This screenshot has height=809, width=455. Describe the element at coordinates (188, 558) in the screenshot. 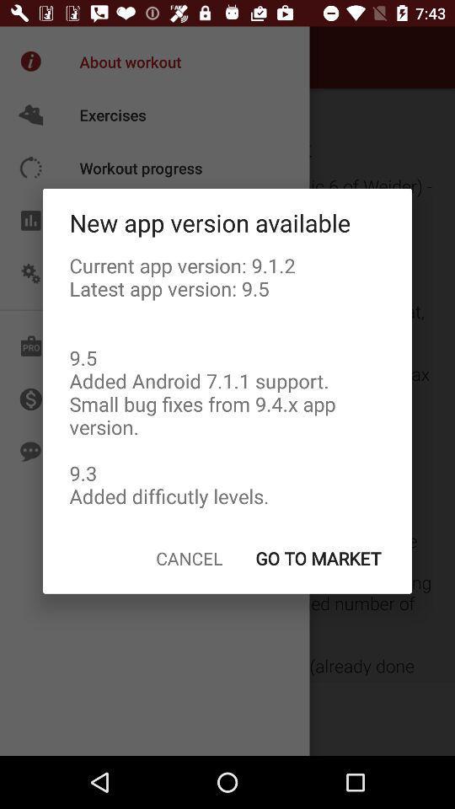

I see `the item next to go to market item` at that location.